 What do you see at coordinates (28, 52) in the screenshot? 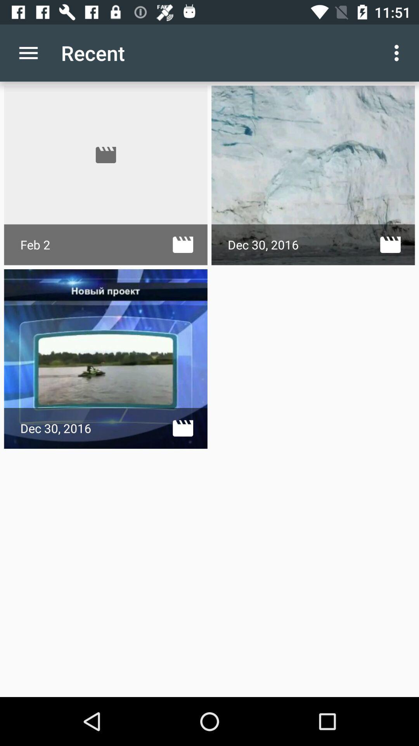
I see `the icon next to recent item` at bounding box center [28, 52].